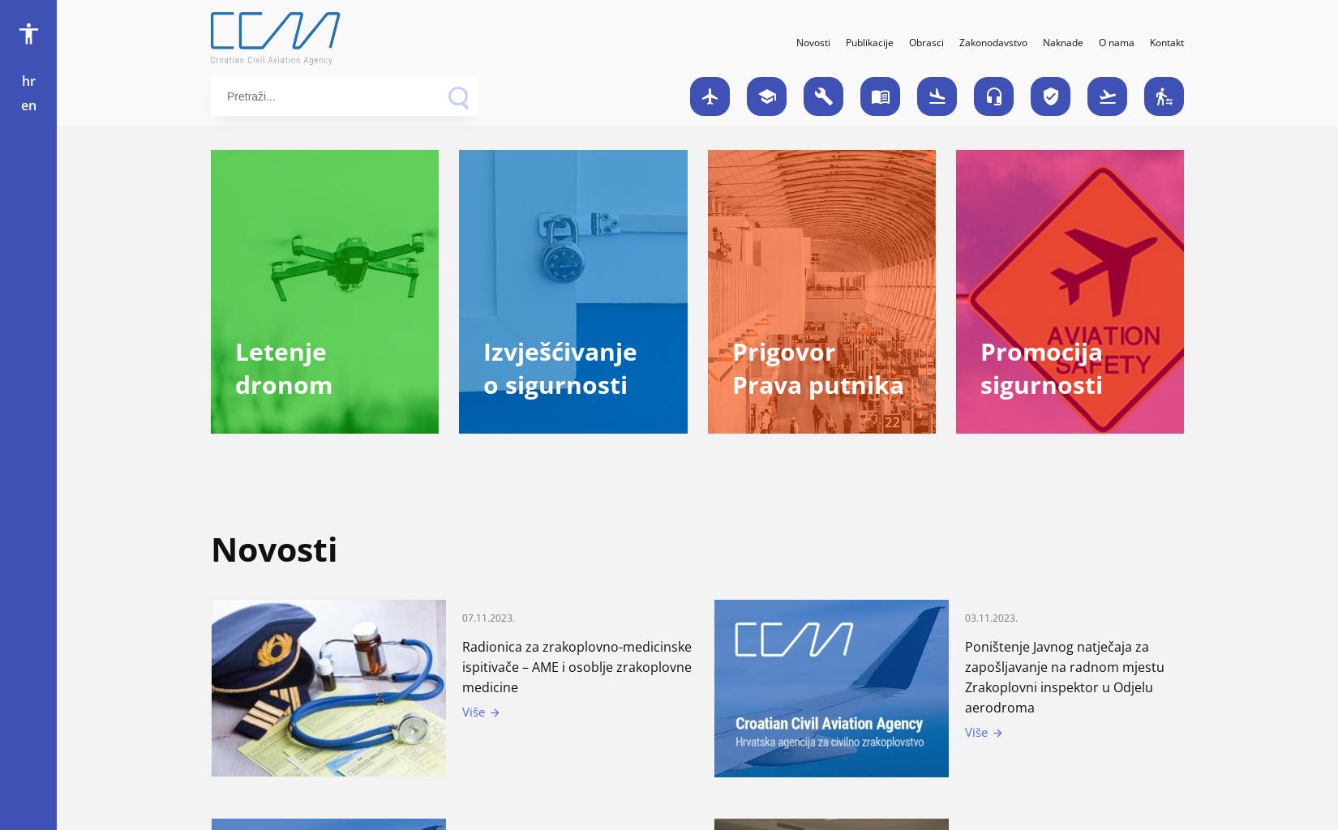 The image size is (1338, 830). I want to click on 'o sigurnosti', so click(555, 383).